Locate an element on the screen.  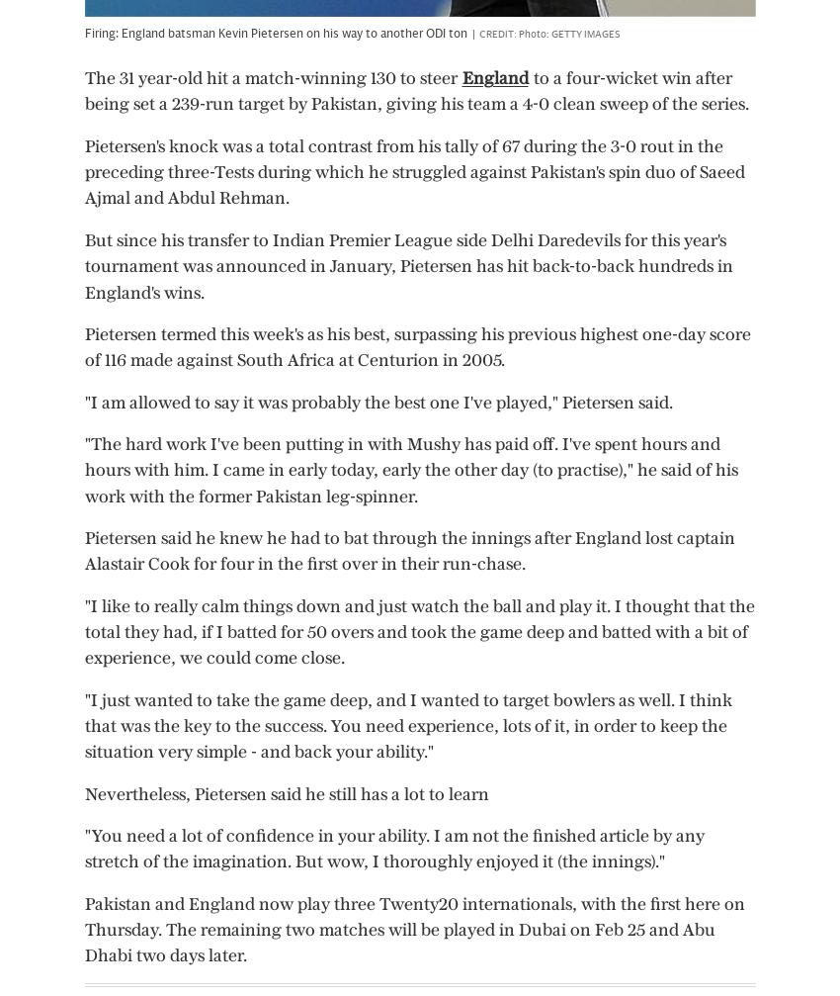
'Andrew Buncombe' is located at coordinates (372, 632).